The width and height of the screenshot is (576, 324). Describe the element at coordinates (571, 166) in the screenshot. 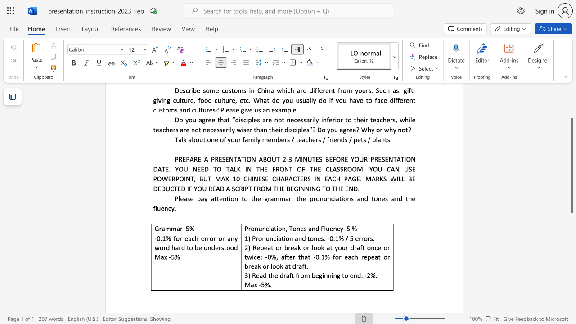

I see `the scrollbar and move down 480 pixels` at that location.